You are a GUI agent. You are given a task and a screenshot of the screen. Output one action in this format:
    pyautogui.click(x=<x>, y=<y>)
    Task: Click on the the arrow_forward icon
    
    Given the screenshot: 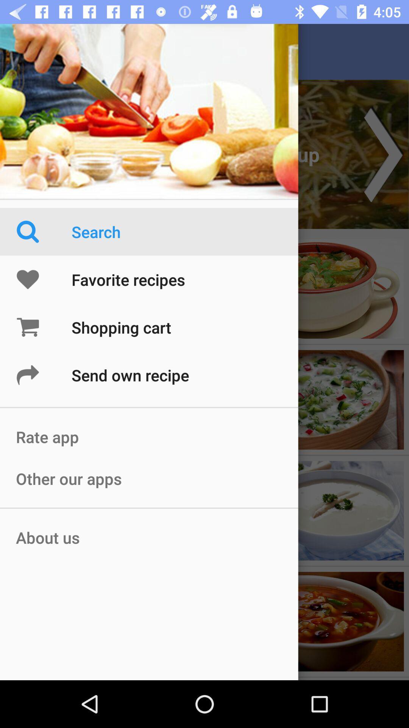 What is the action you would take?
    pyautogui.click(x=384, y=154)
    